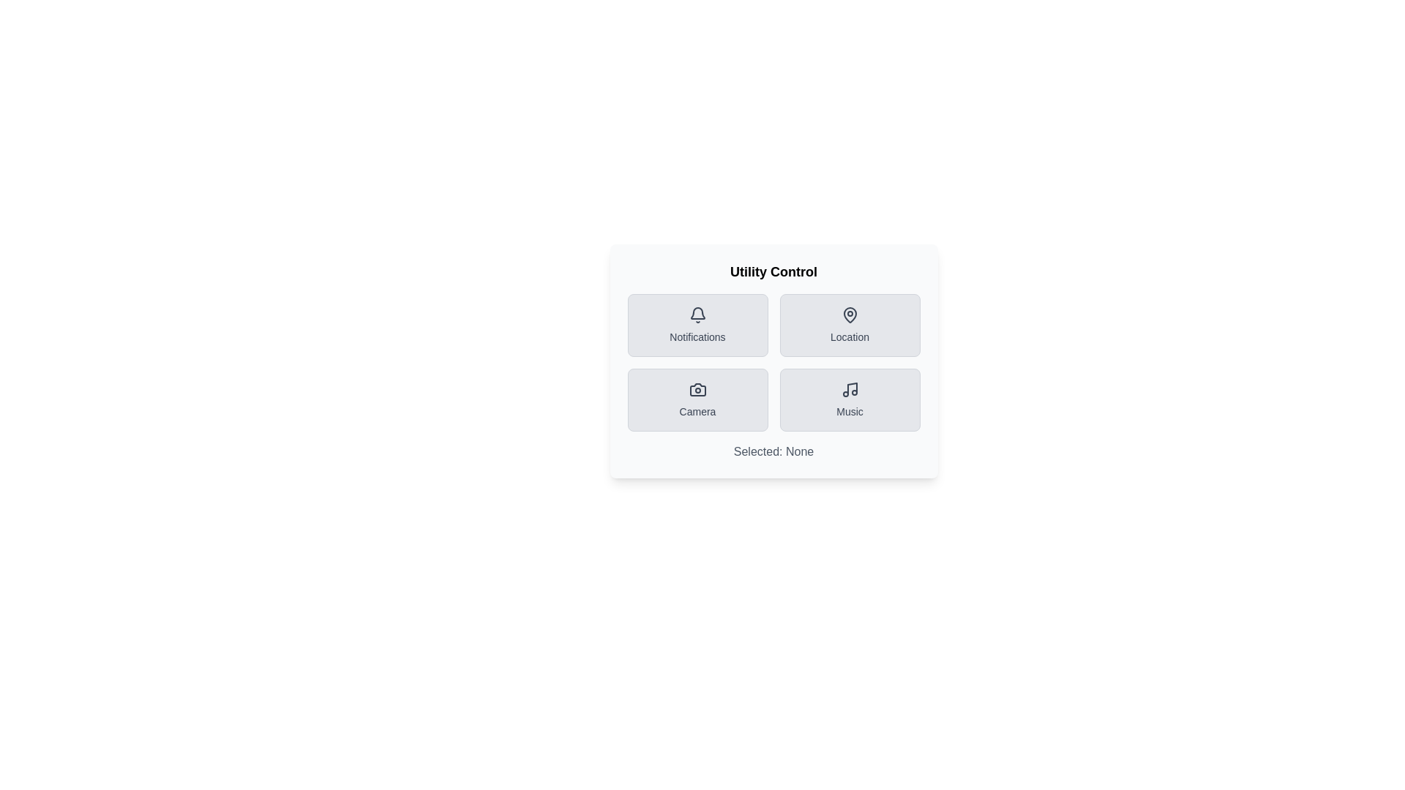 The width and height of the screenshot is (1405, 790). What do you see at coordinates (697, 324) in the screenshot?
I see `the Notifications button to toggle its state` at bounding box center [697, 324].